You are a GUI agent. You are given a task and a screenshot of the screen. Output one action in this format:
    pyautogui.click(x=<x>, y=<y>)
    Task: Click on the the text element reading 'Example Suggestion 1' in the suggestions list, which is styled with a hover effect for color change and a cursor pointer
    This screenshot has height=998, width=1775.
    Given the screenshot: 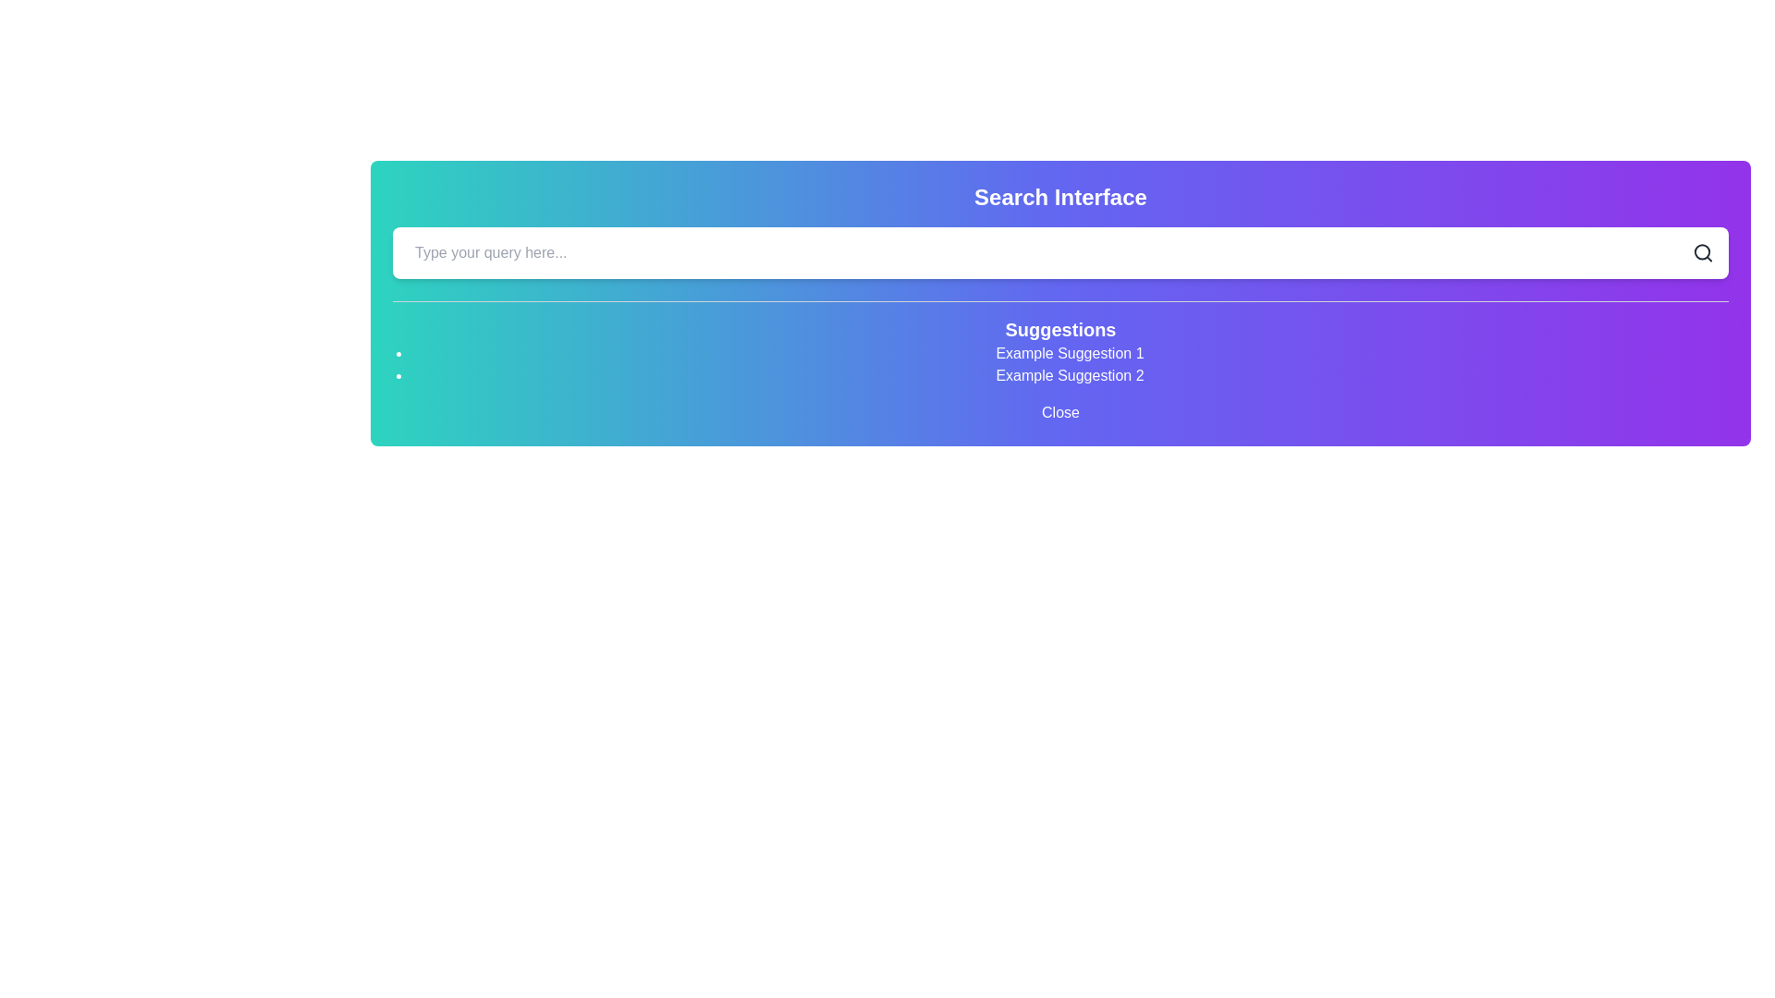 What is the action you would take?
    pyautogui.click(x=1070, y=353)
    